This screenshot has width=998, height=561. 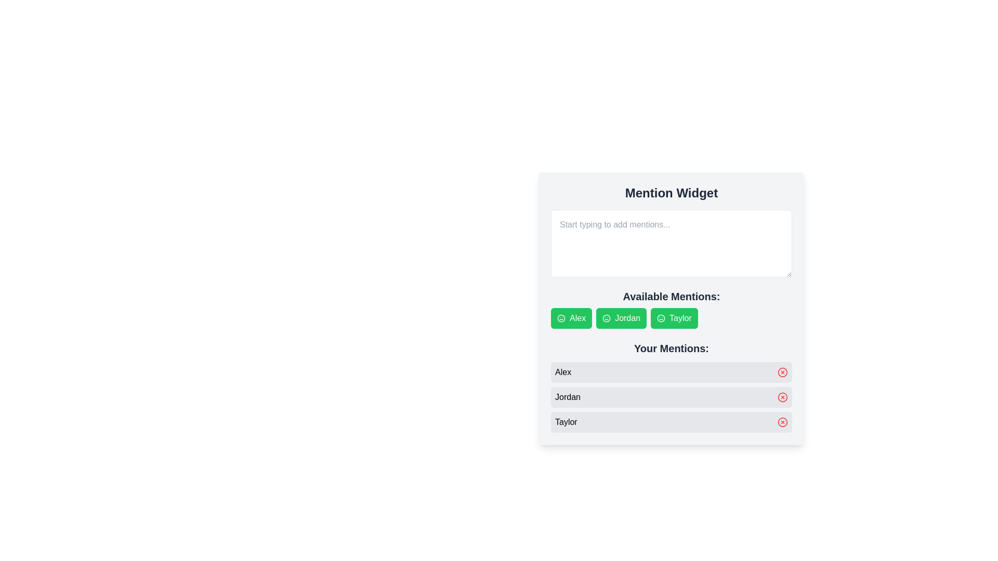 I want to click on the large, bold, dark gray title text labeled 'Mention Widget' positioned at the top of its section, above a multiline text input field, so click(x=671, y=193).